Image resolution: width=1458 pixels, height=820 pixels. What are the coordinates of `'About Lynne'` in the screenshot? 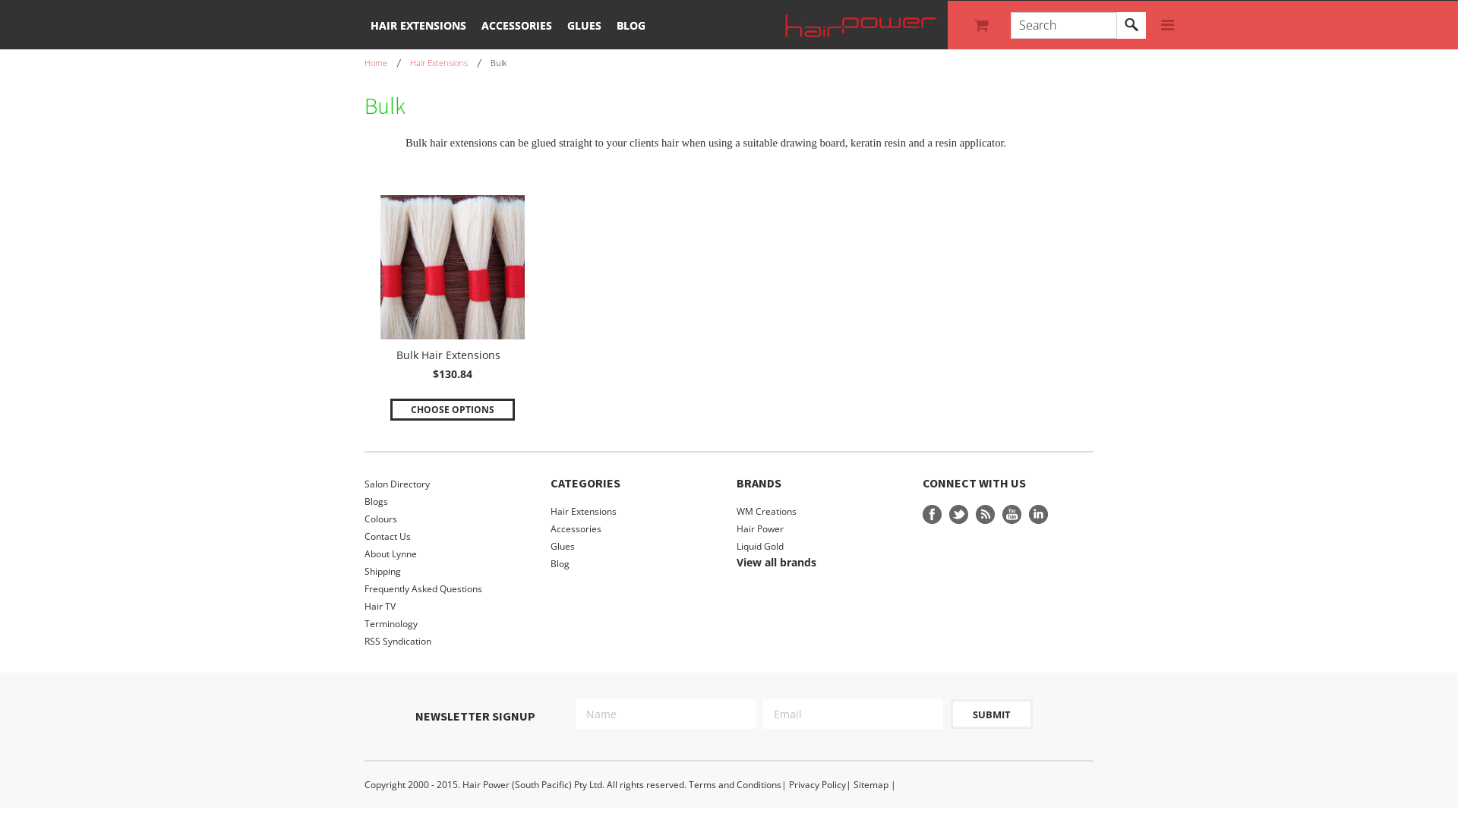 It's located at (449, 553).